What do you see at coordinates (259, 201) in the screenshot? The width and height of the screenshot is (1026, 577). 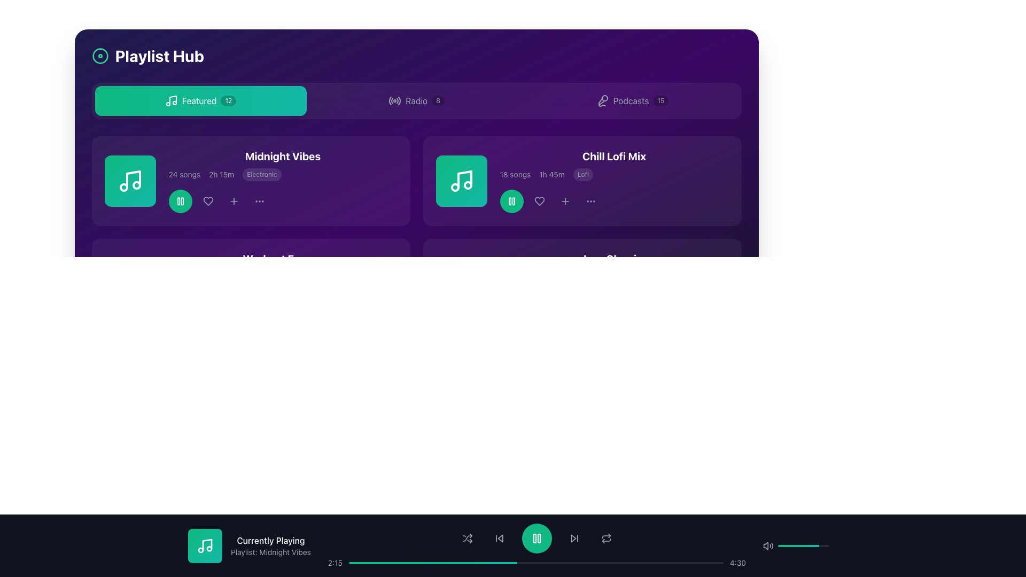 I see `the overflow menu trigger icon located in the bottom right corner of the 'Midnight Vibes' card` at bounding box center [259, 201].